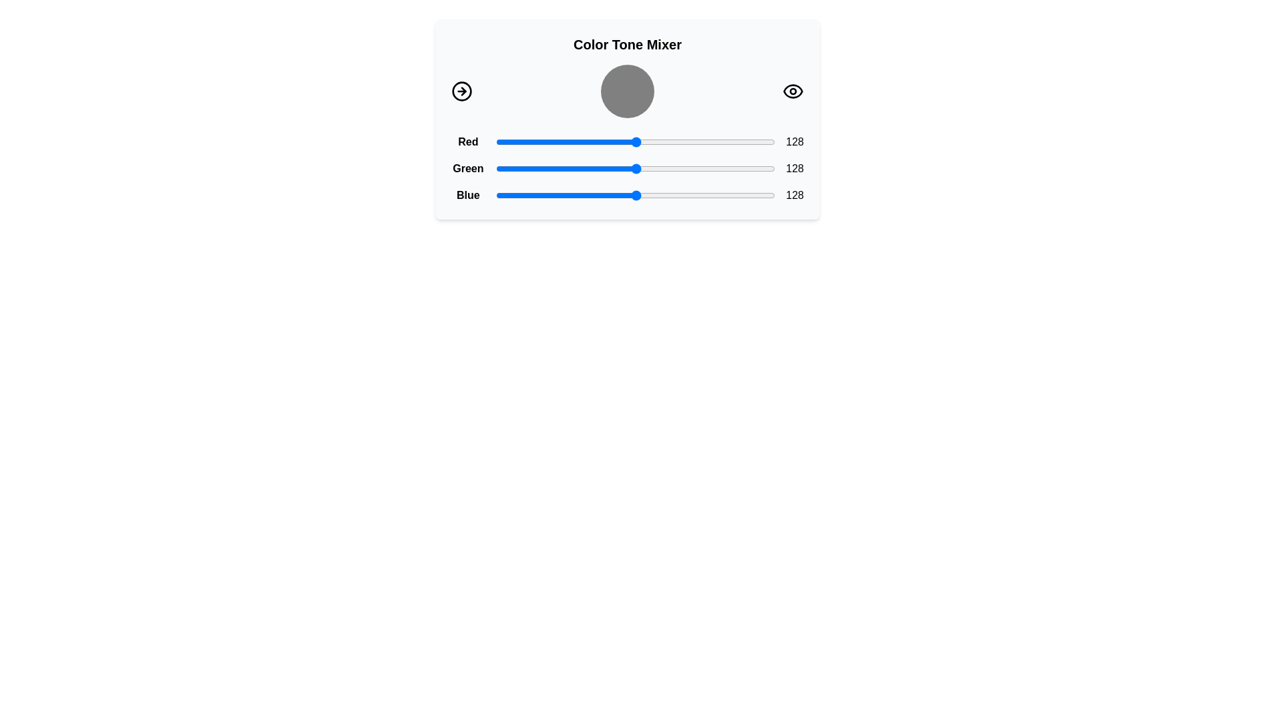  Describe the element at coordinates (570, 142) in the screenshot. I see `the red component` at that location.